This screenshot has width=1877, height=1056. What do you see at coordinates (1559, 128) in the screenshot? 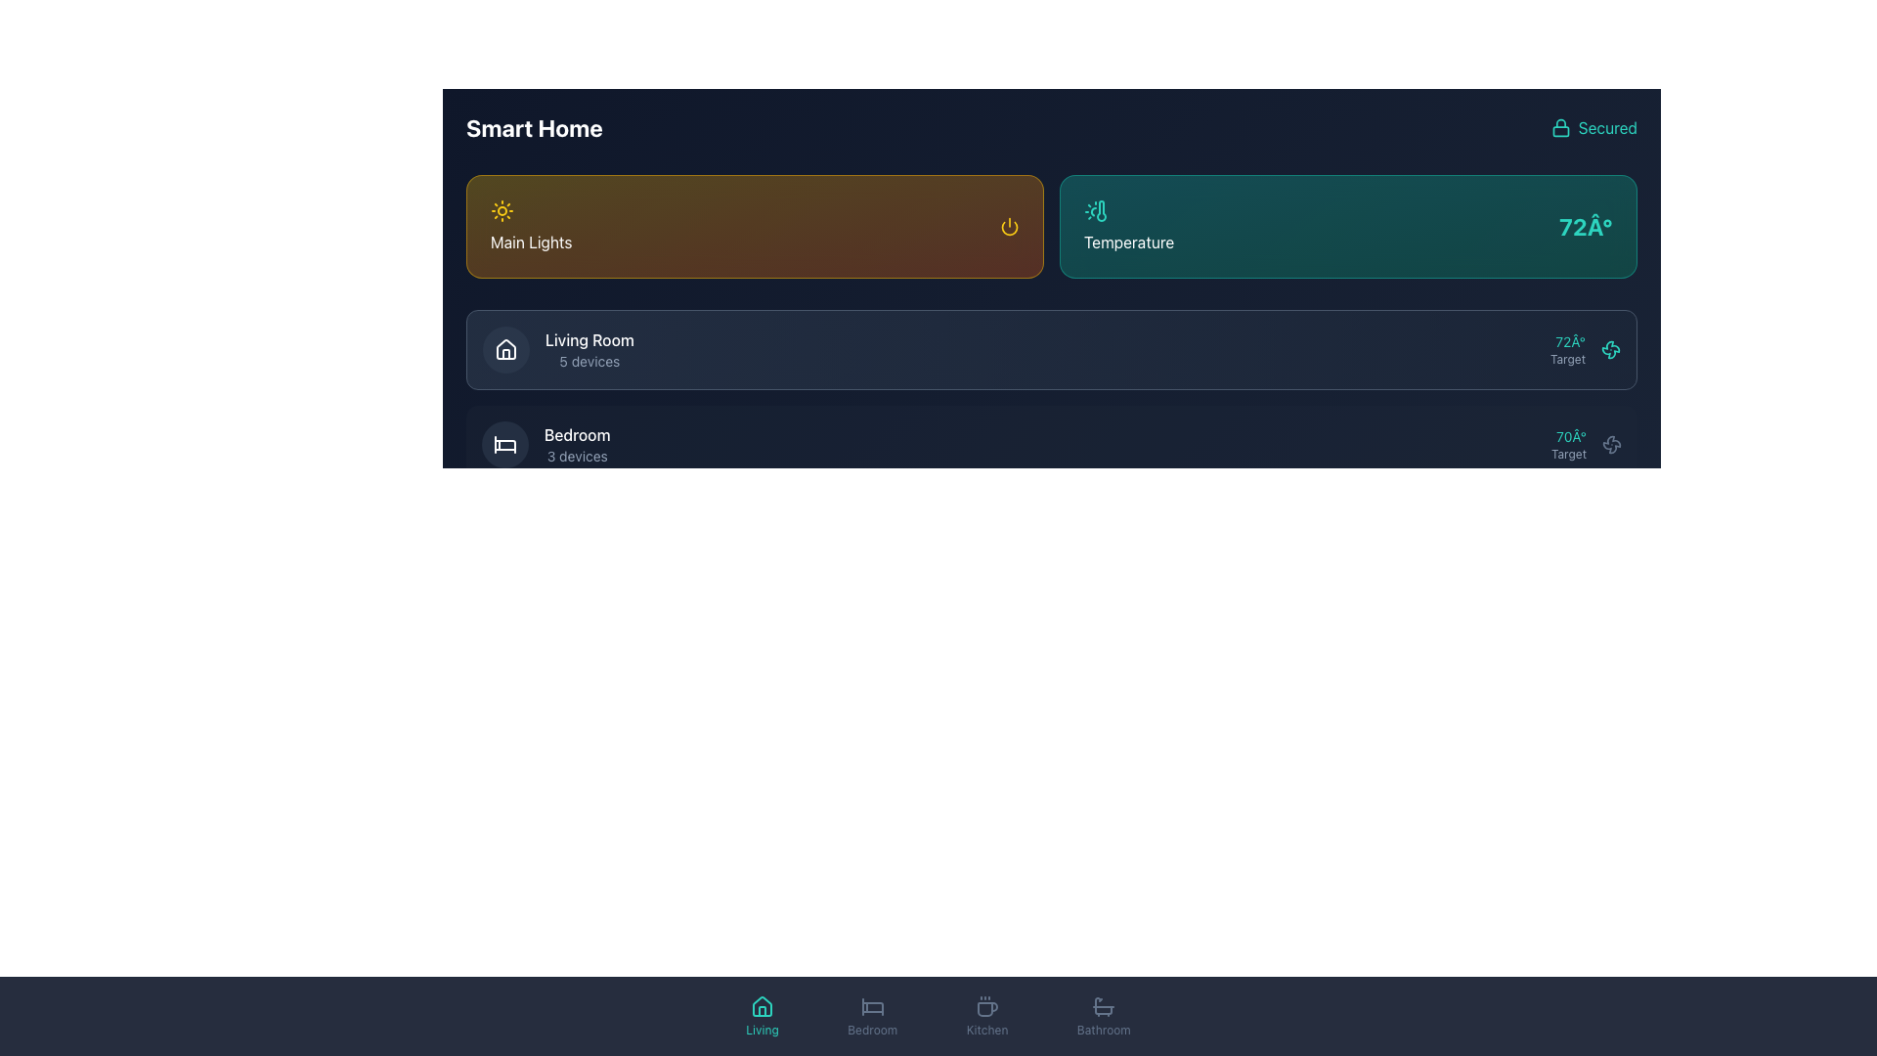
I see `the teal lock icon located to the left of the text 'Secured' in the top-right corner of the interface` at bounding box center [1559, 128].